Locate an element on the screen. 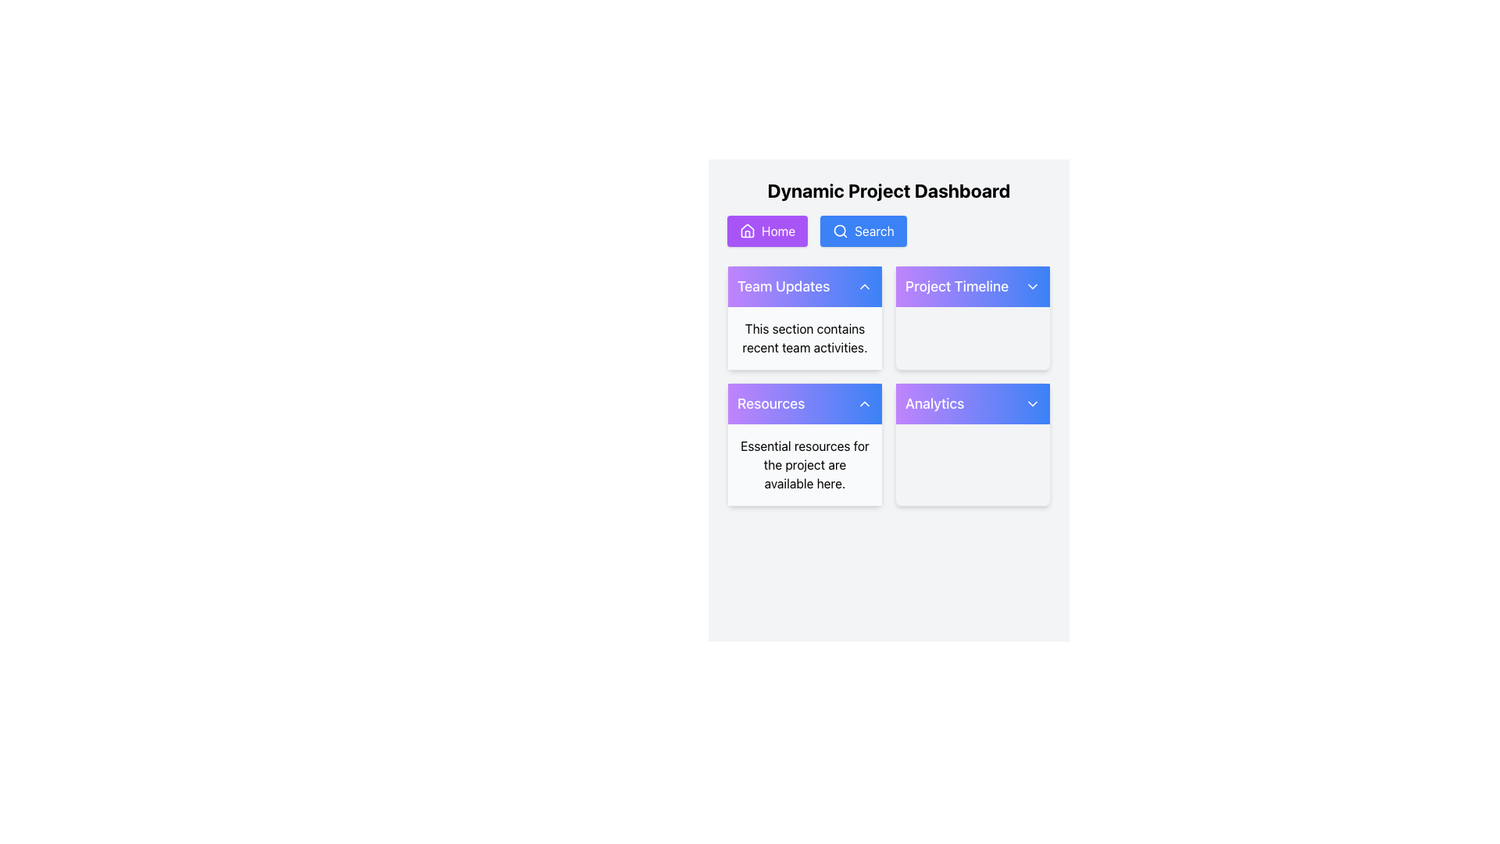  the circular magnifying glass icon located within the blue button labeled 'Search', which is the second button from the left in the navigation bar is located at coordinates (840, 231).